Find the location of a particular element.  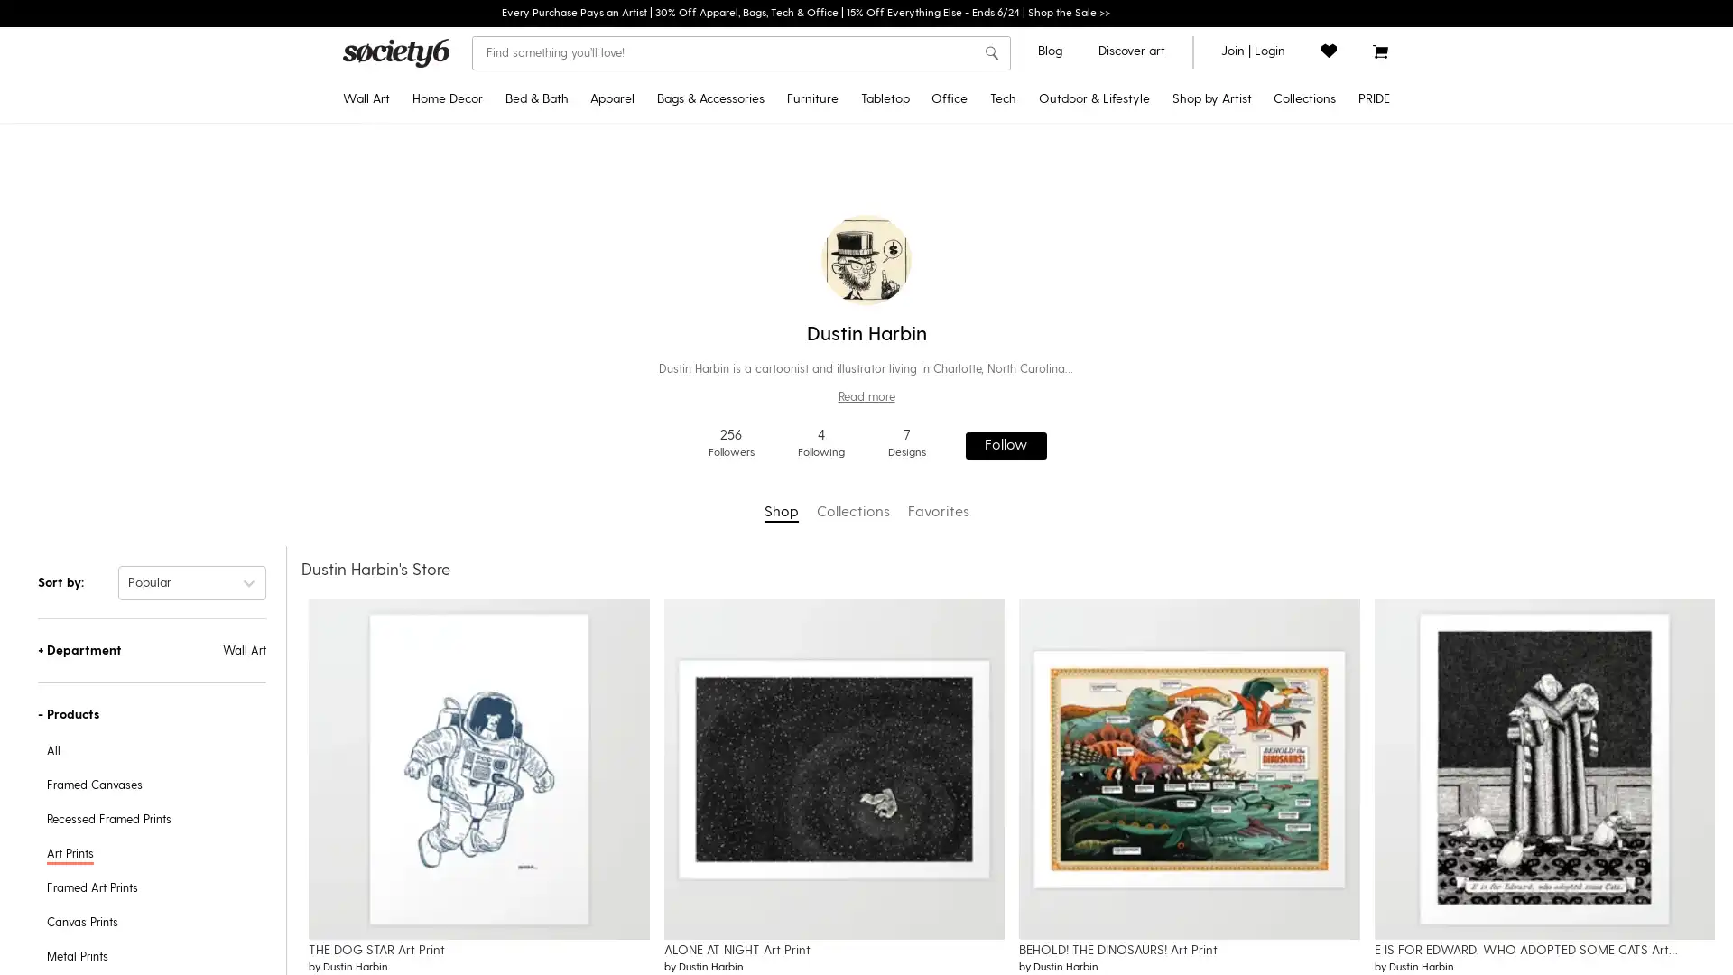

Face Masks is located at coordinates (723, 348).